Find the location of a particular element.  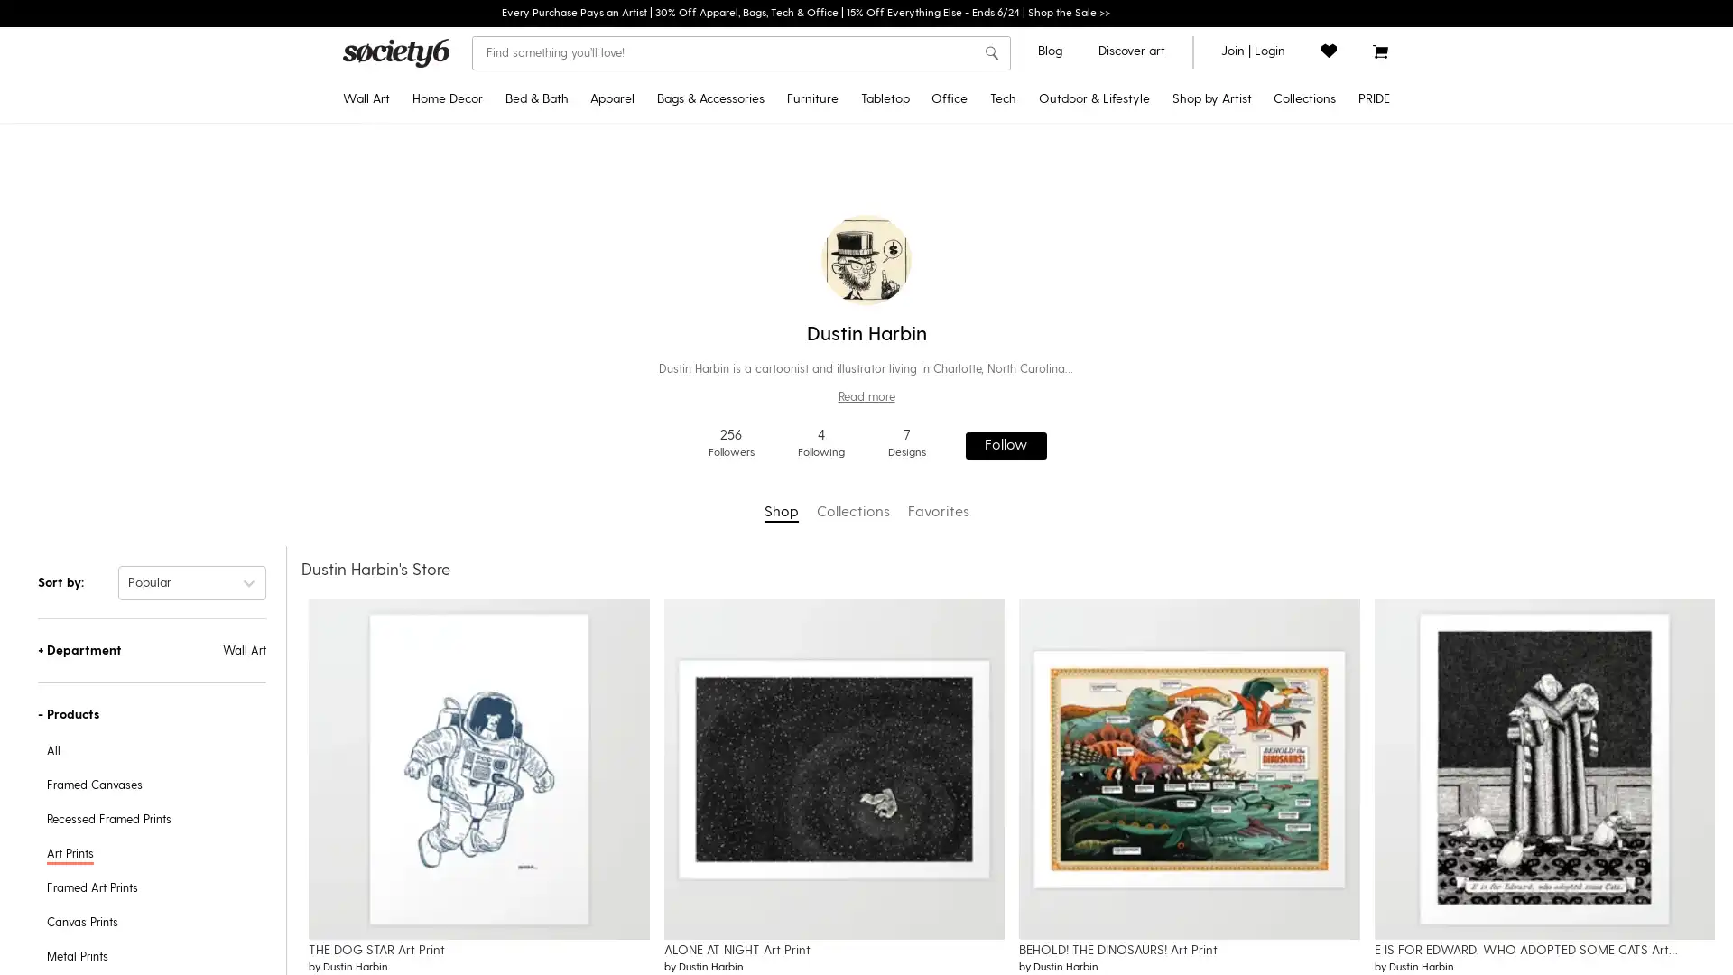

Face Masks is located at coordinates (723, 348).